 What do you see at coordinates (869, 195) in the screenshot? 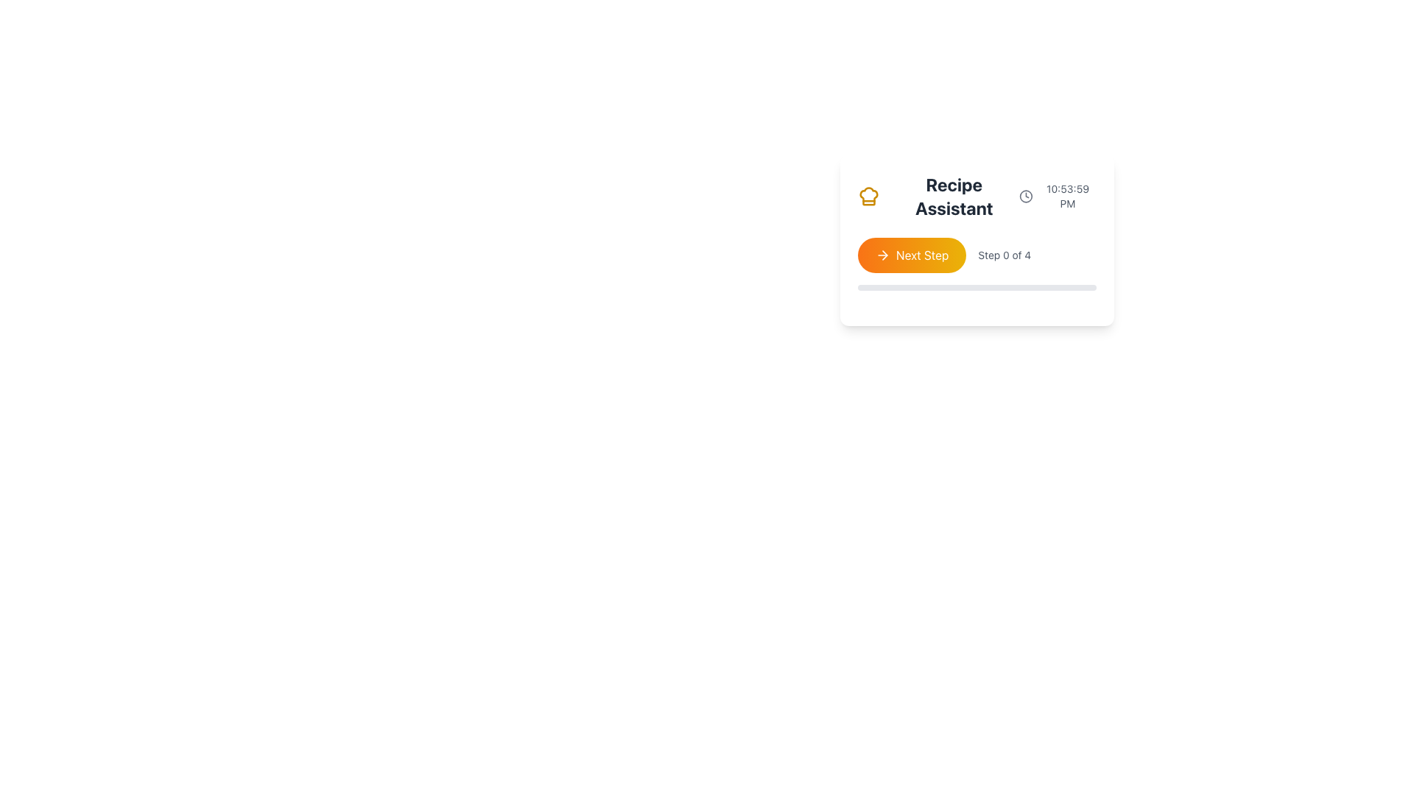
I see `the 'Recipe Assistant' icon located to the left of the title text, which visually identifies the feature for users` at bounding box center [869, 195].